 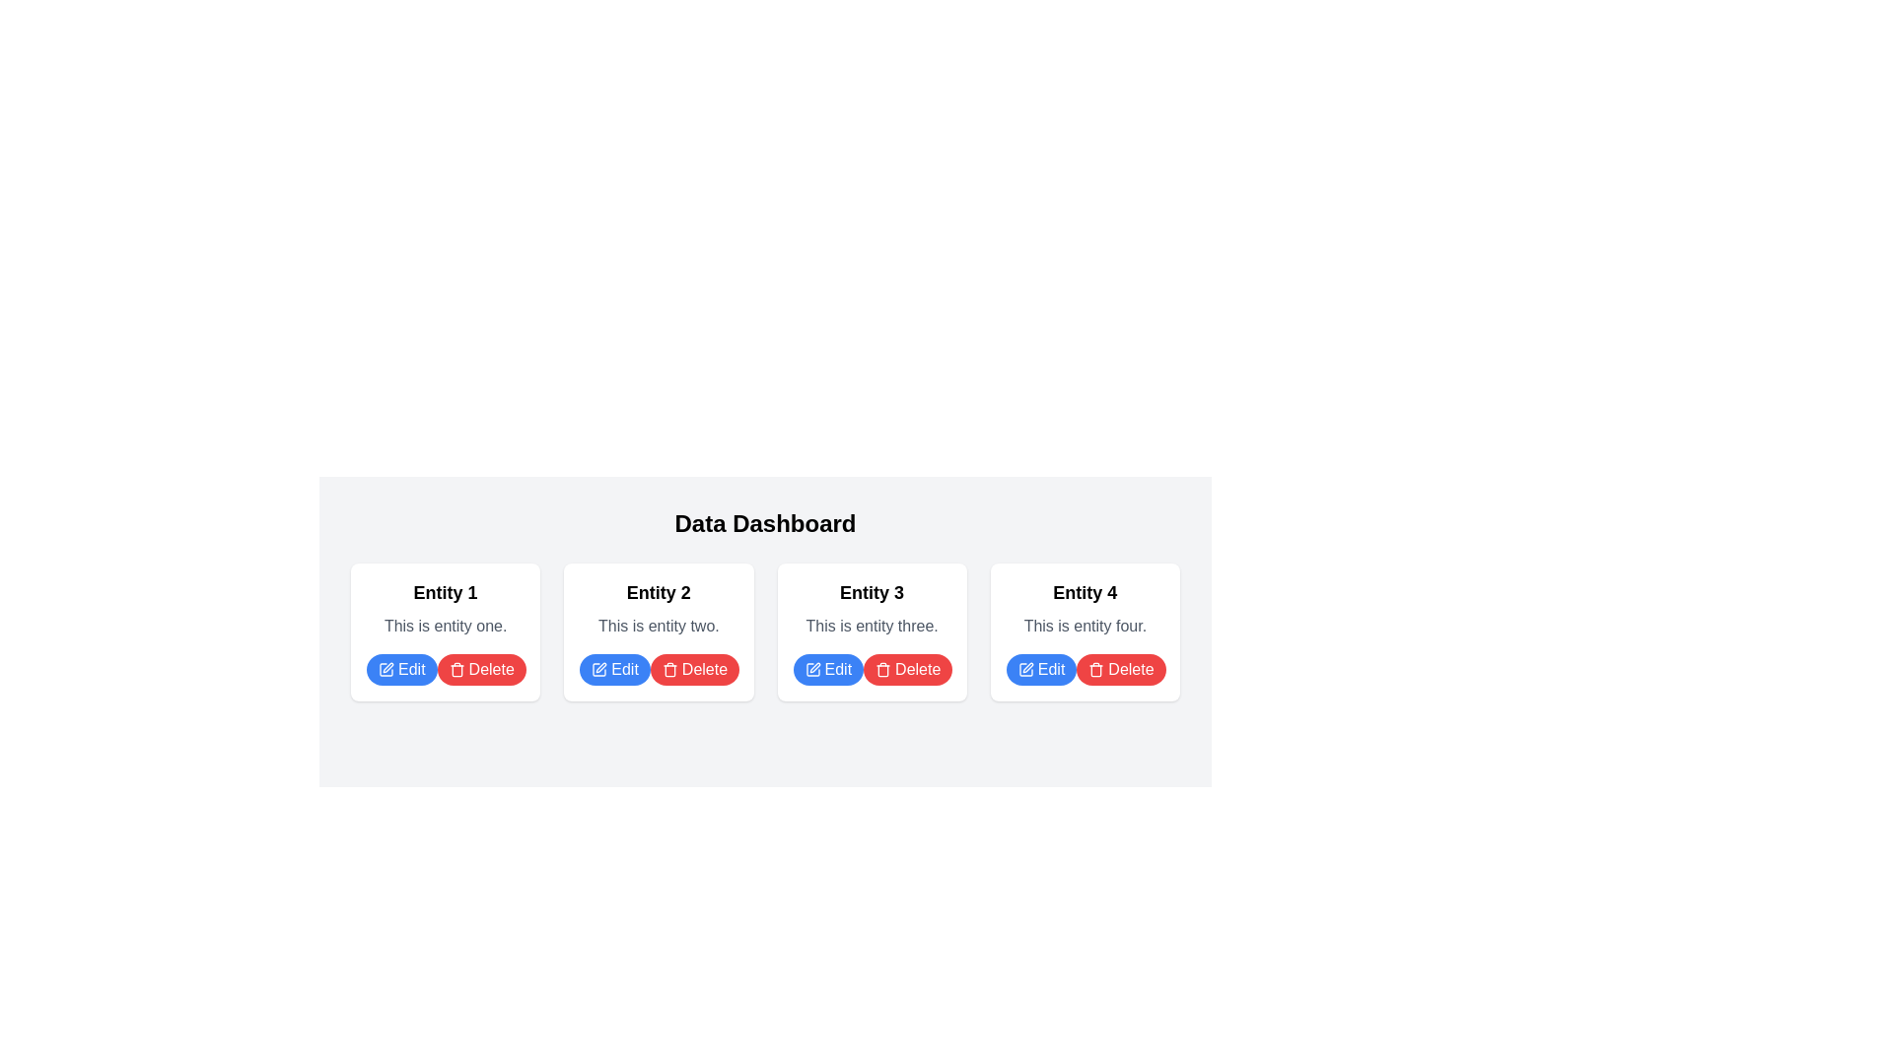 What do you see at coordinates (882, 670) in the screenshot?
I see `the rectangular body of the trash can icon located under the 'Delete' button associated with the Entity 4 card in the Data Dashboard` at bounding box center [882, 670].